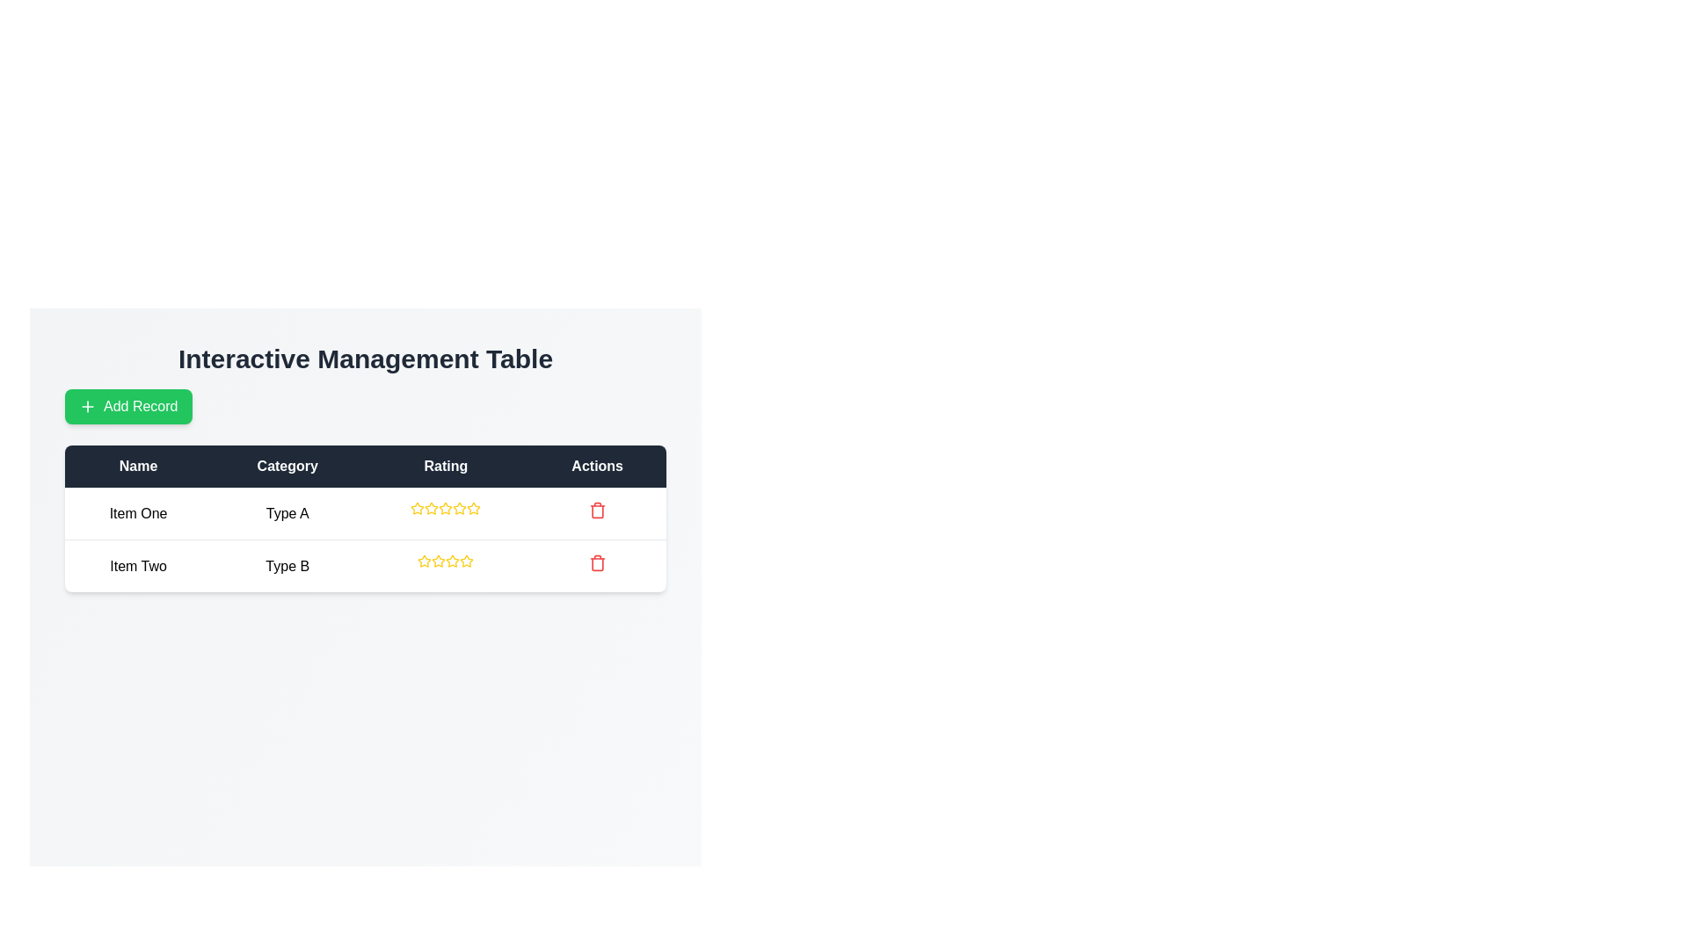 The width and height of the screenshot is (1688, 949). I want to click on the yellow star icon in the rating section of the table for 'Item One', so click(417, 508).